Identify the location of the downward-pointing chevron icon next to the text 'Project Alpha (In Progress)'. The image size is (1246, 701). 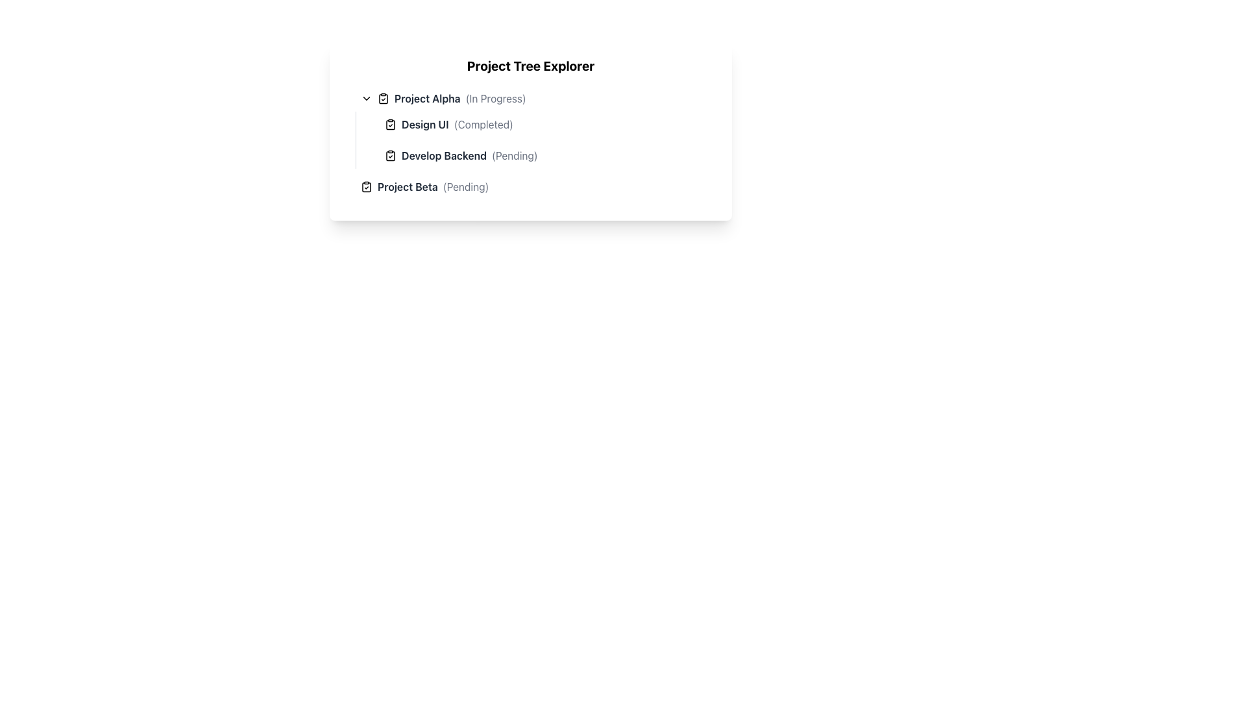
(366, 97).